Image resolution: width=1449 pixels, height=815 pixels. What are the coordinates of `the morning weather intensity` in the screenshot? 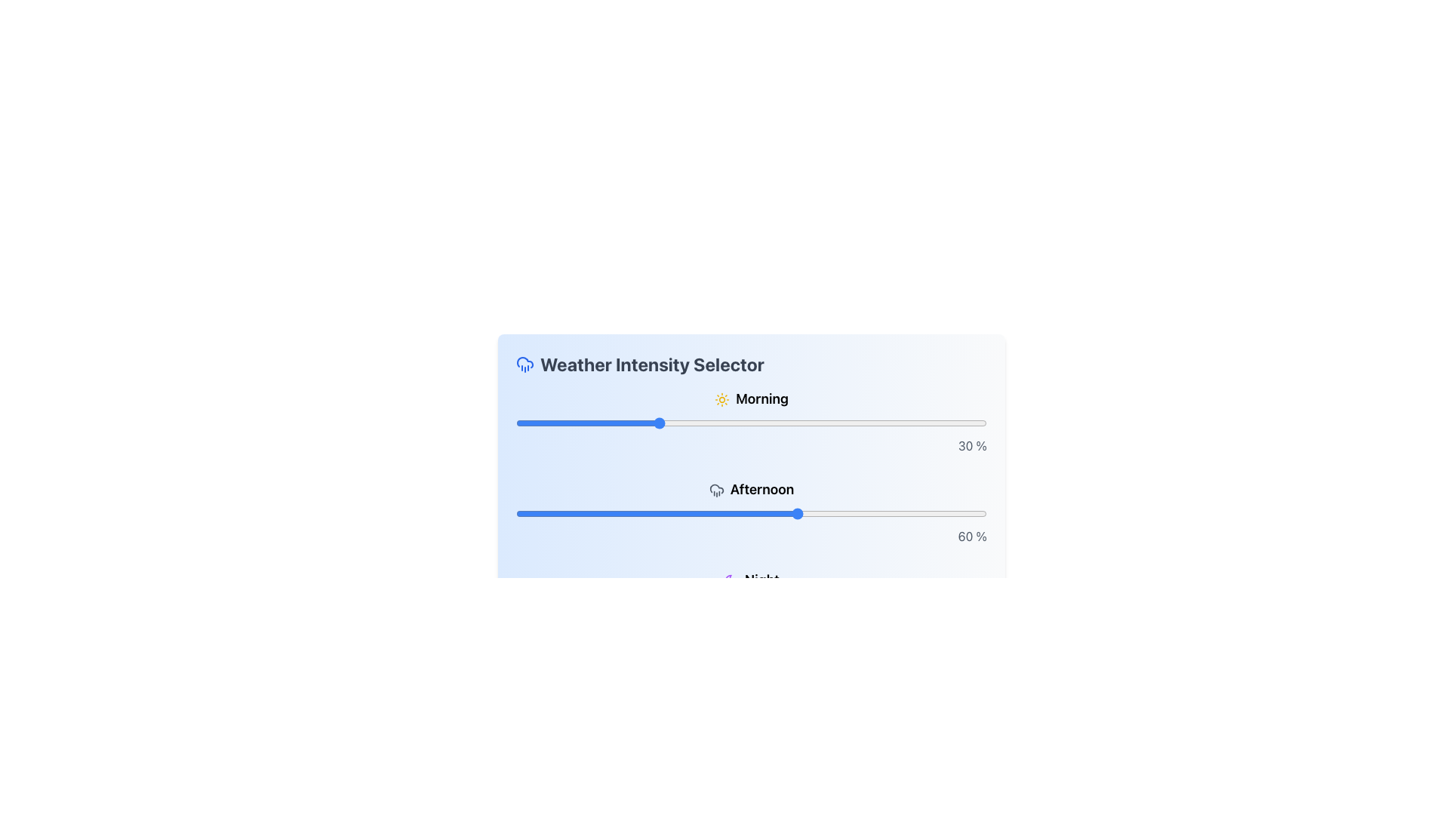 It's located at (530, 423).